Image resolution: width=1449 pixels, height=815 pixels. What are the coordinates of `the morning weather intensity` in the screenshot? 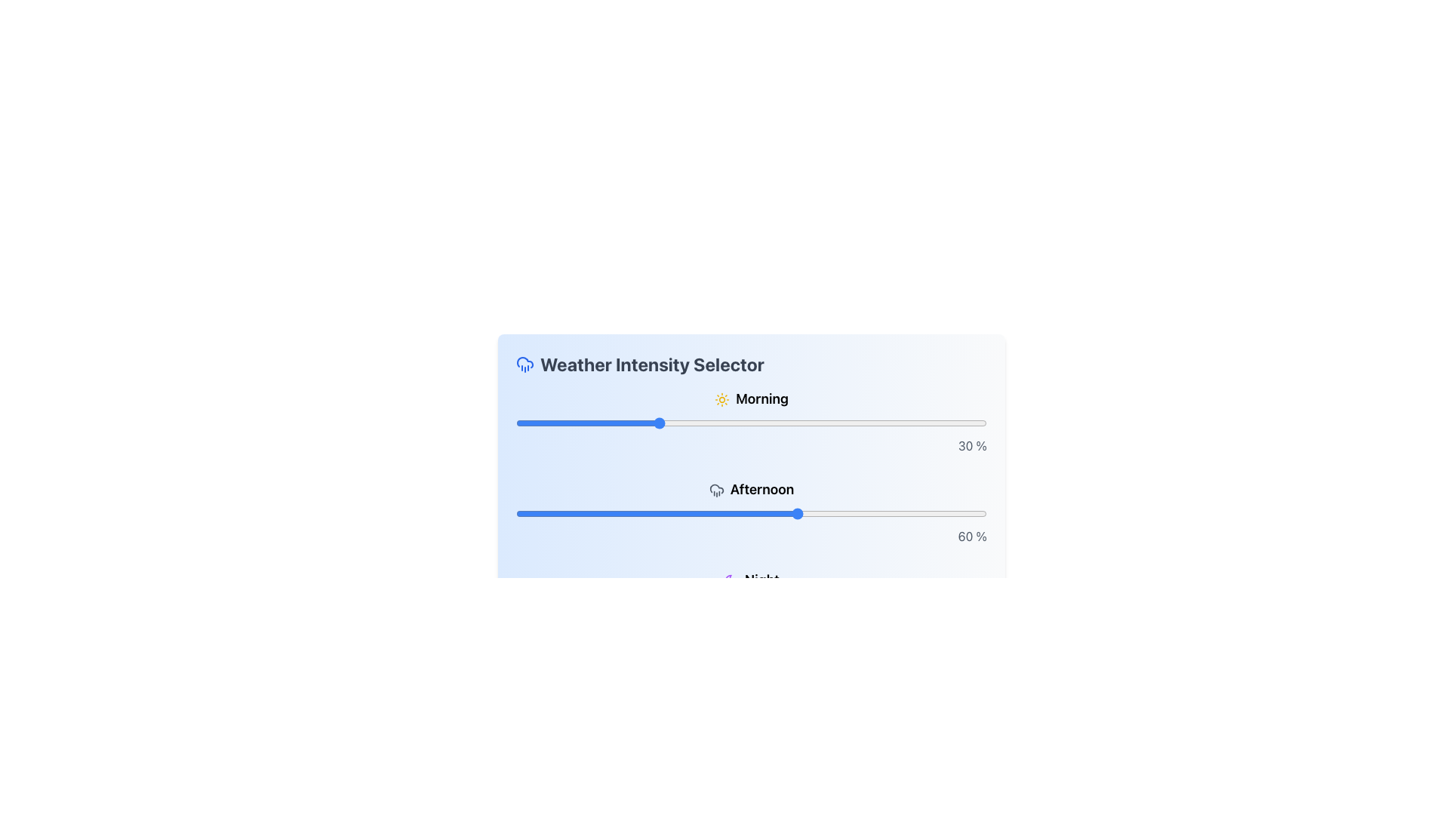 It's located at (530, 423).